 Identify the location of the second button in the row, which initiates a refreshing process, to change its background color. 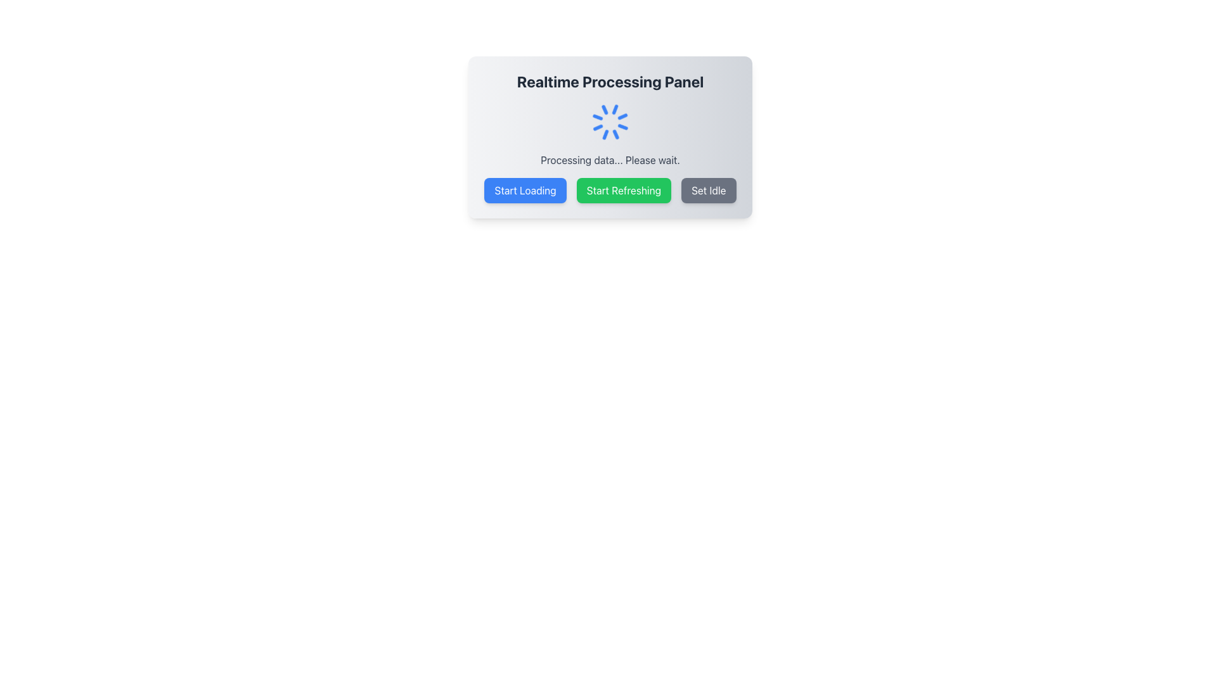
(624, 190).